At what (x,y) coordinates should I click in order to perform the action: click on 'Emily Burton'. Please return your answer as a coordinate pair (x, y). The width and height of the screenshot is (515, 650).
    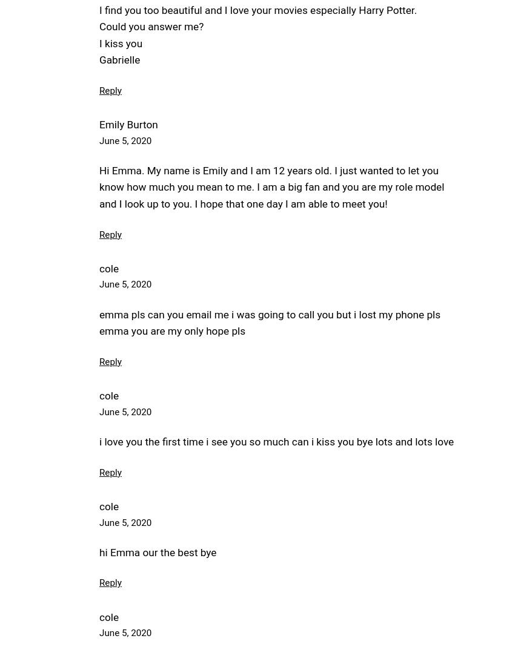
    Looking at the image, I should click on (99, 124).